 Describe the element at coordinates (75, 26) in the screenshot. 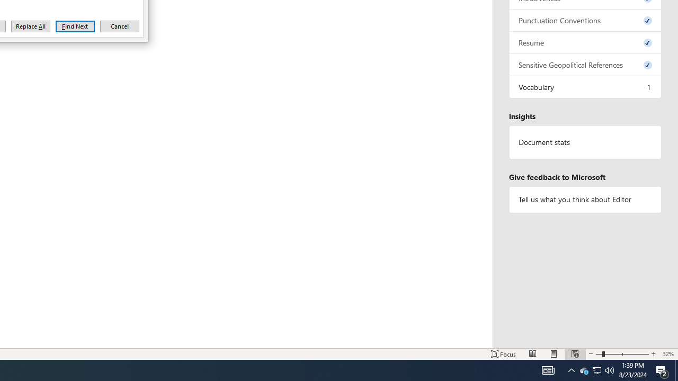

I see `'Find Next'` at that location.